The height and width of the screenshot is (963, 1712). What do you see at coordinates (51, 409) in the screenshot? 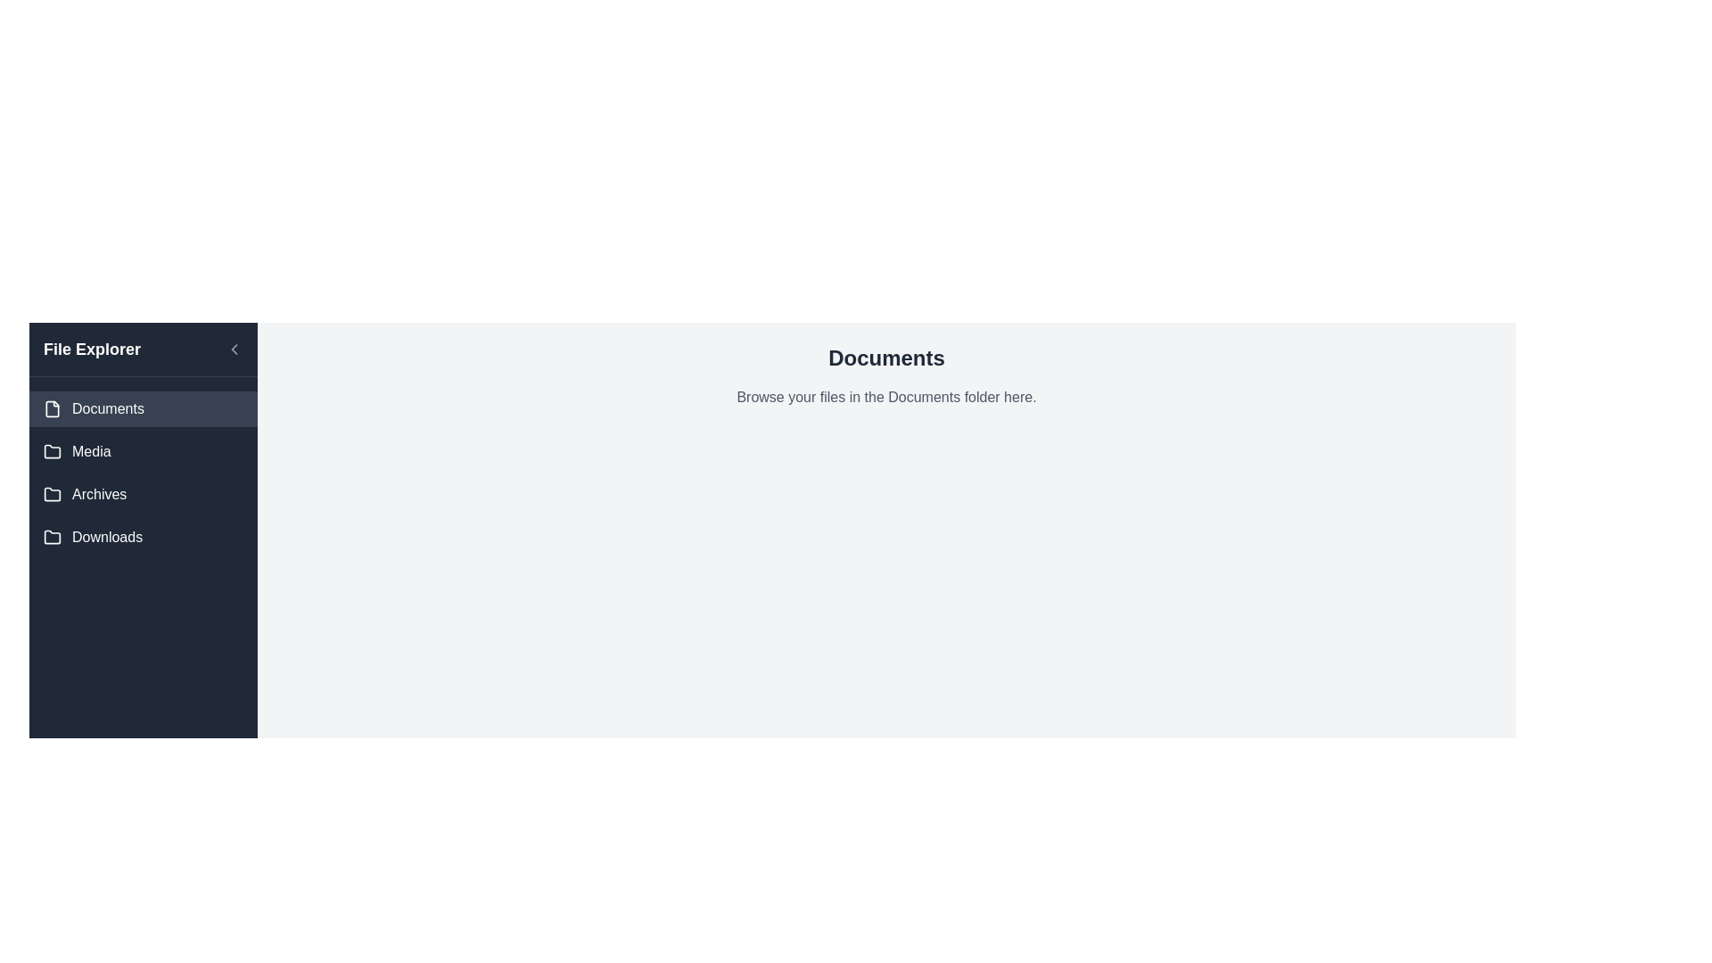
I see `the 'Documents' icon in the sidebar` at bounding box center [51, 409].